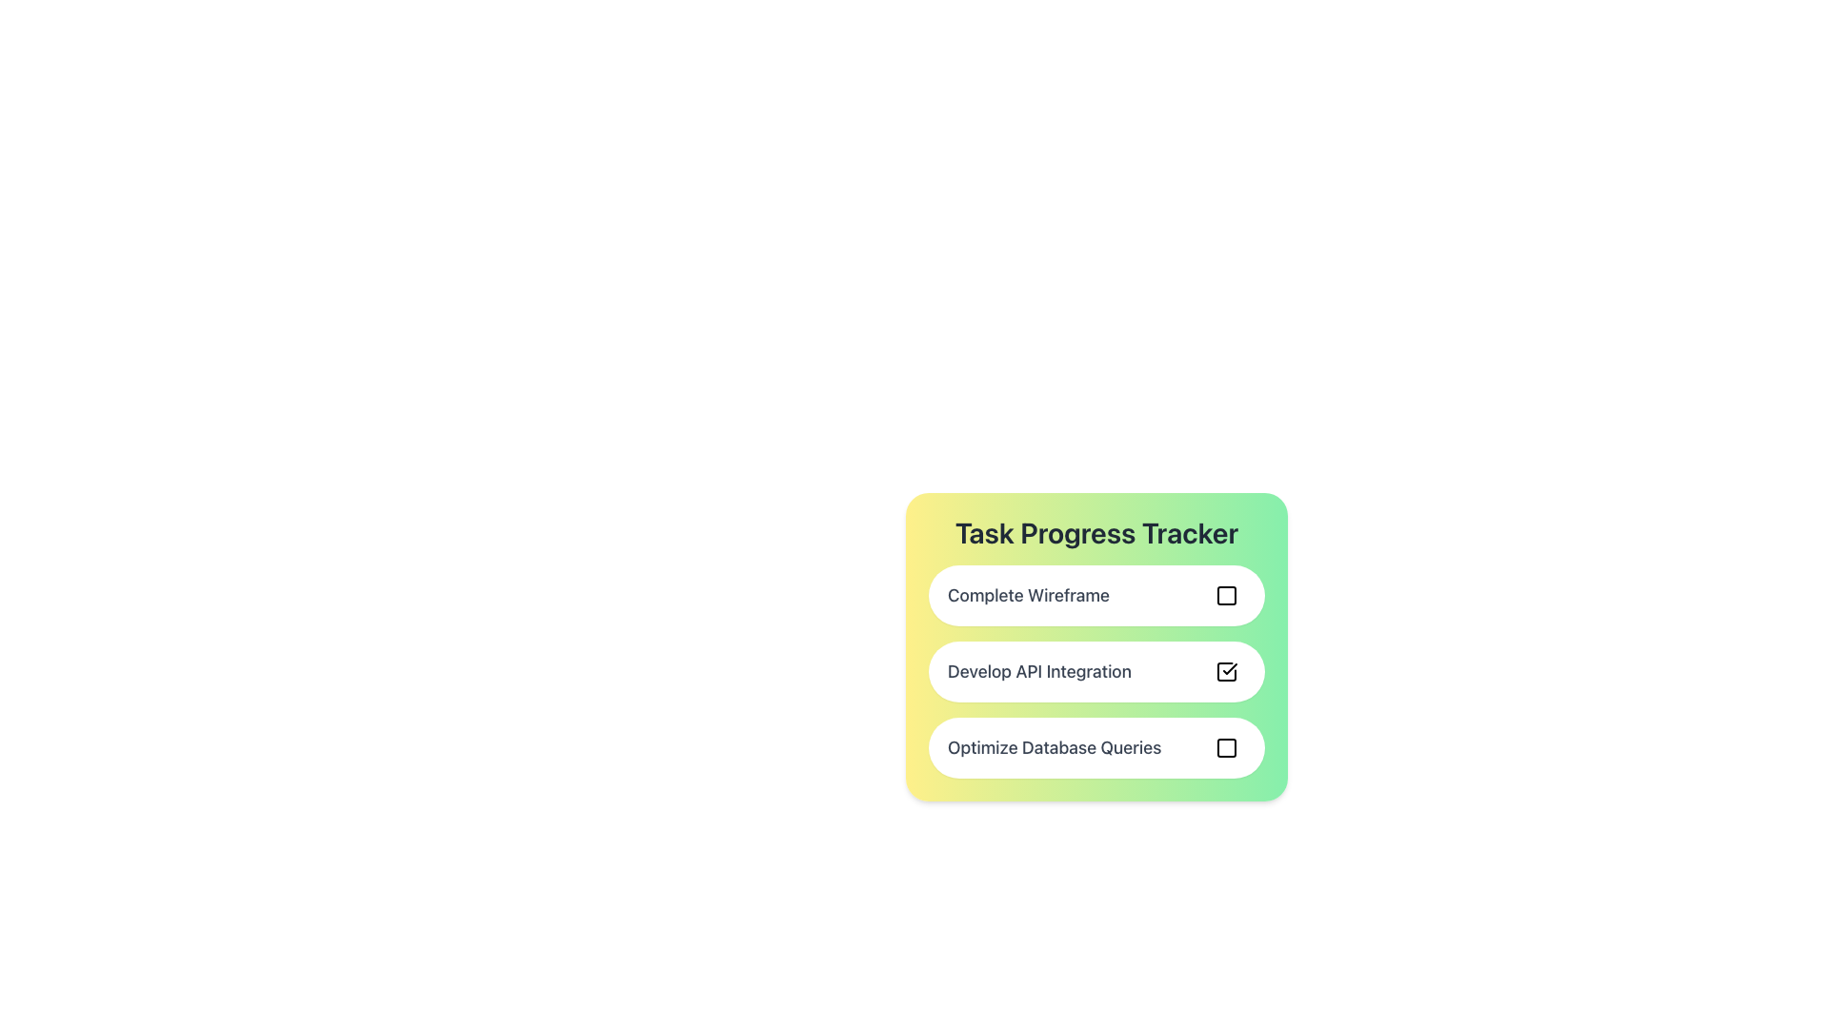 The height and width of the screenshot is (1028, 1829). I want to click on the descriptive text label for the third task item in the 'Task Progress Tracker' panel, which is located to the left of the checkbox icon, so click(1054, 747).